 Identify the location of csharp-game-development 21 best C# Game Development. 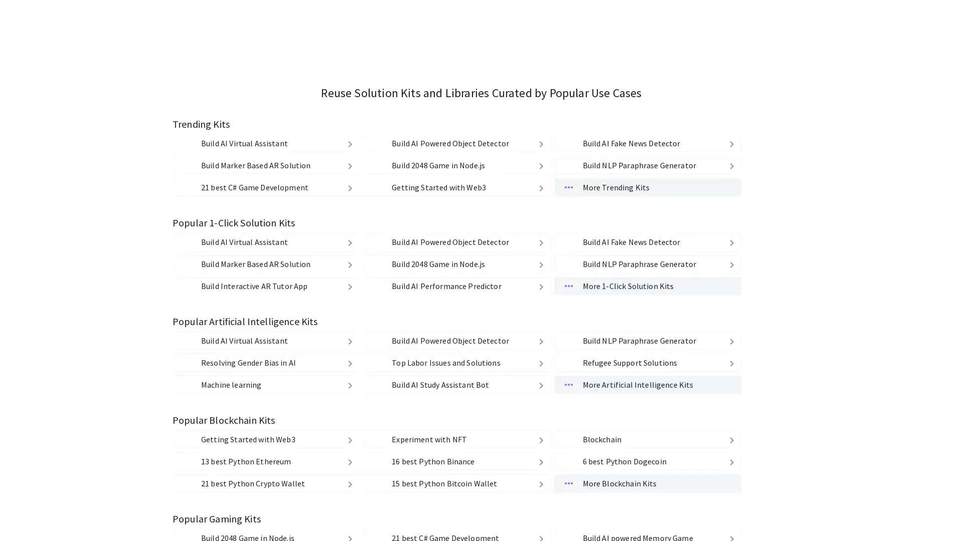
(266, 438).